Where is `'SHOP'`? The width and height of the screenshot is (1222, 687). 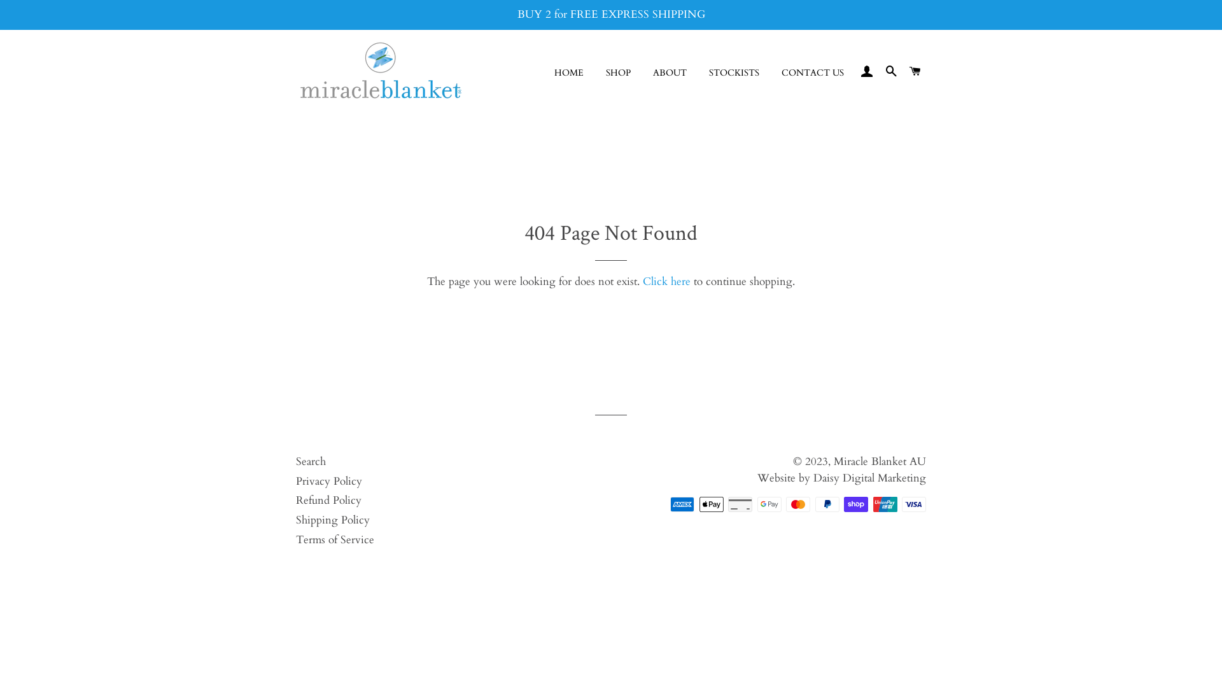
'SHOP' is located at coordinates (595, 73).